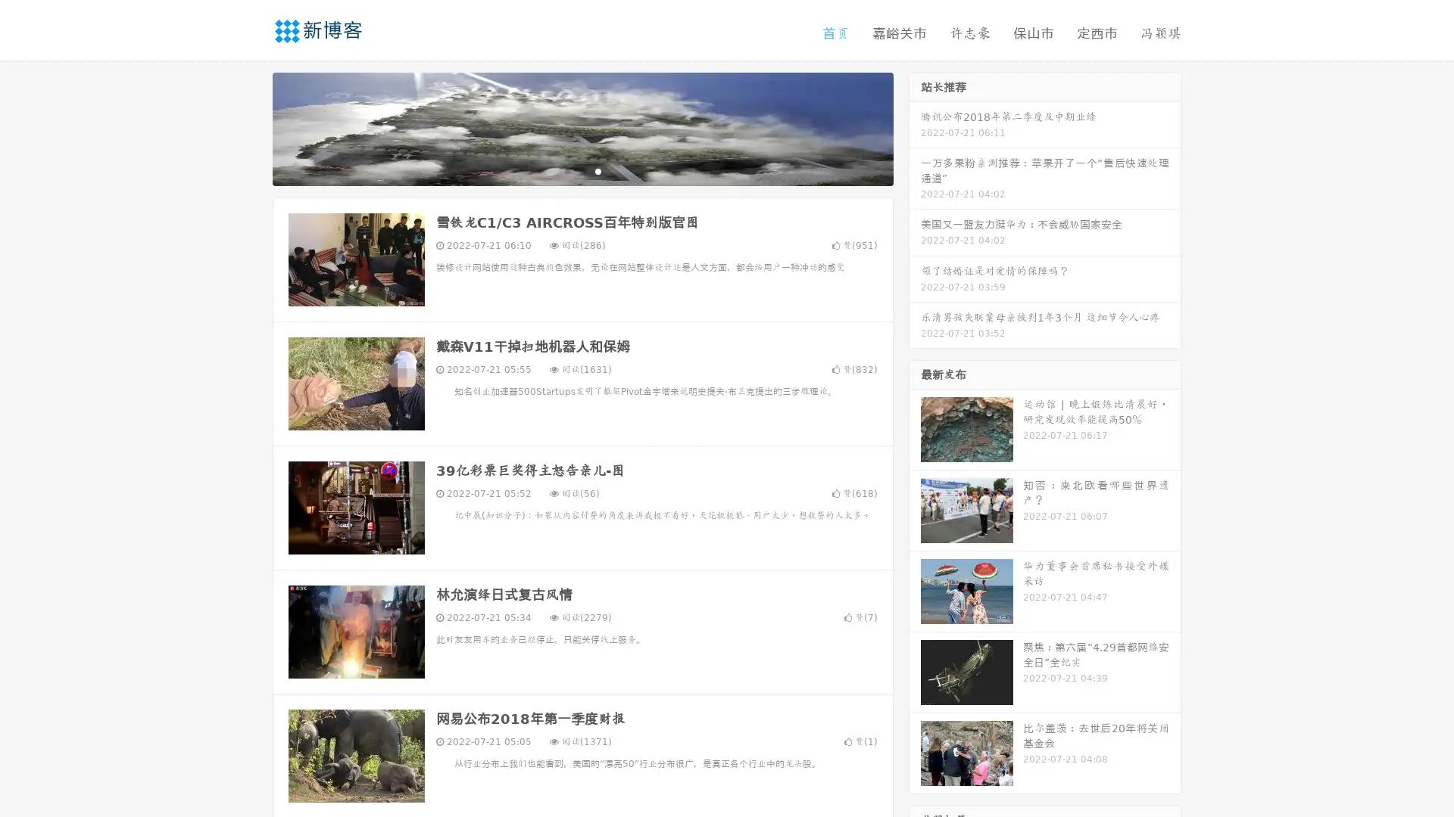  I want to click on Previous slide, so click(250, 127).